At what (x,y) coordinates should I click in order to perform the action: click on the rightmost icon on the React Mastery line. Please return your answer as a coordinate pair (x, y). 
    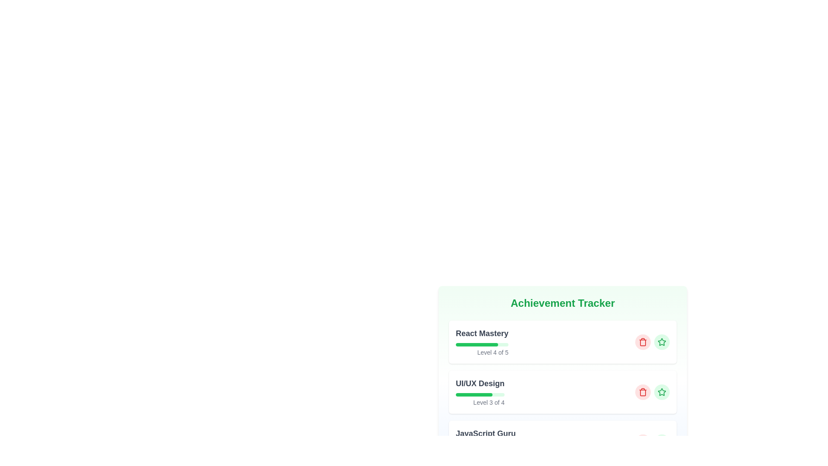
    Looking at the image, I should click on (662, 392).